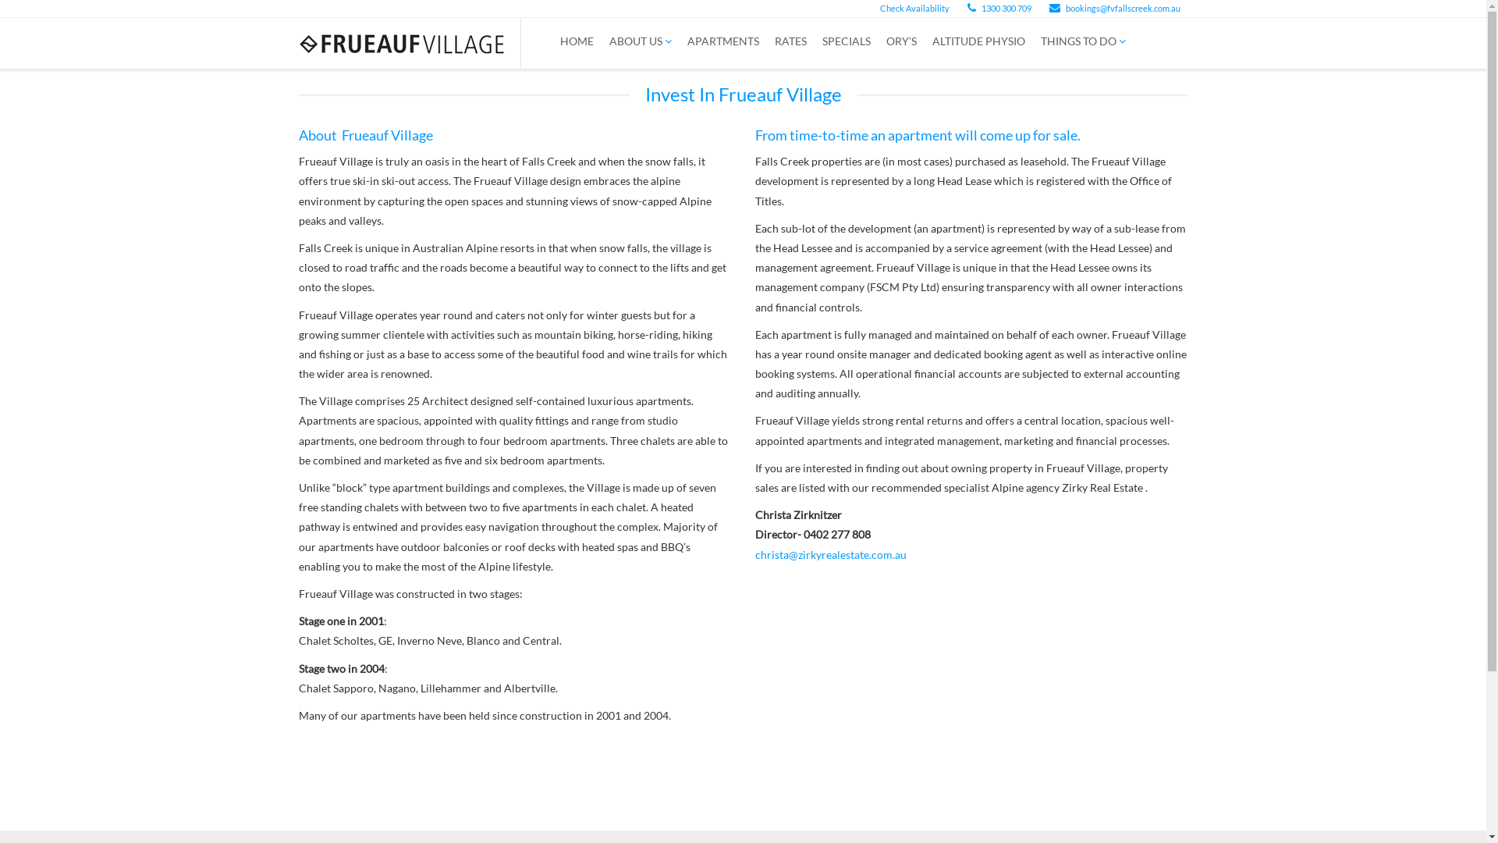  I want to click on '1300 300 709', so click(999, 8).